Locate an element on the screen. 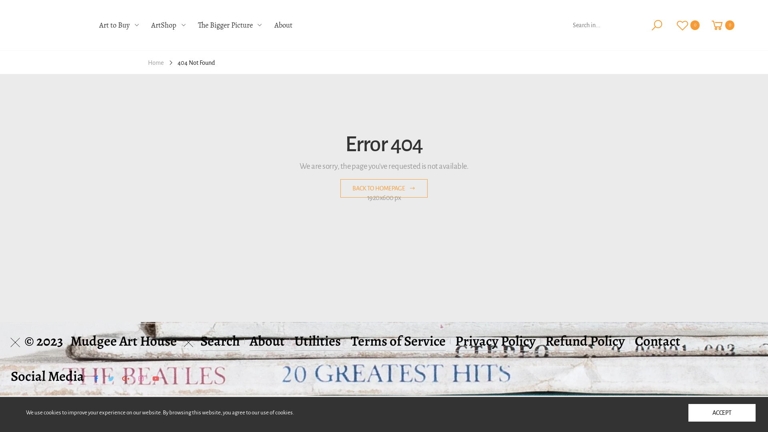 This screenshot has height=432, width=768. 'Mudgee Art House on Instagram' is located at coordinates (140, 378).